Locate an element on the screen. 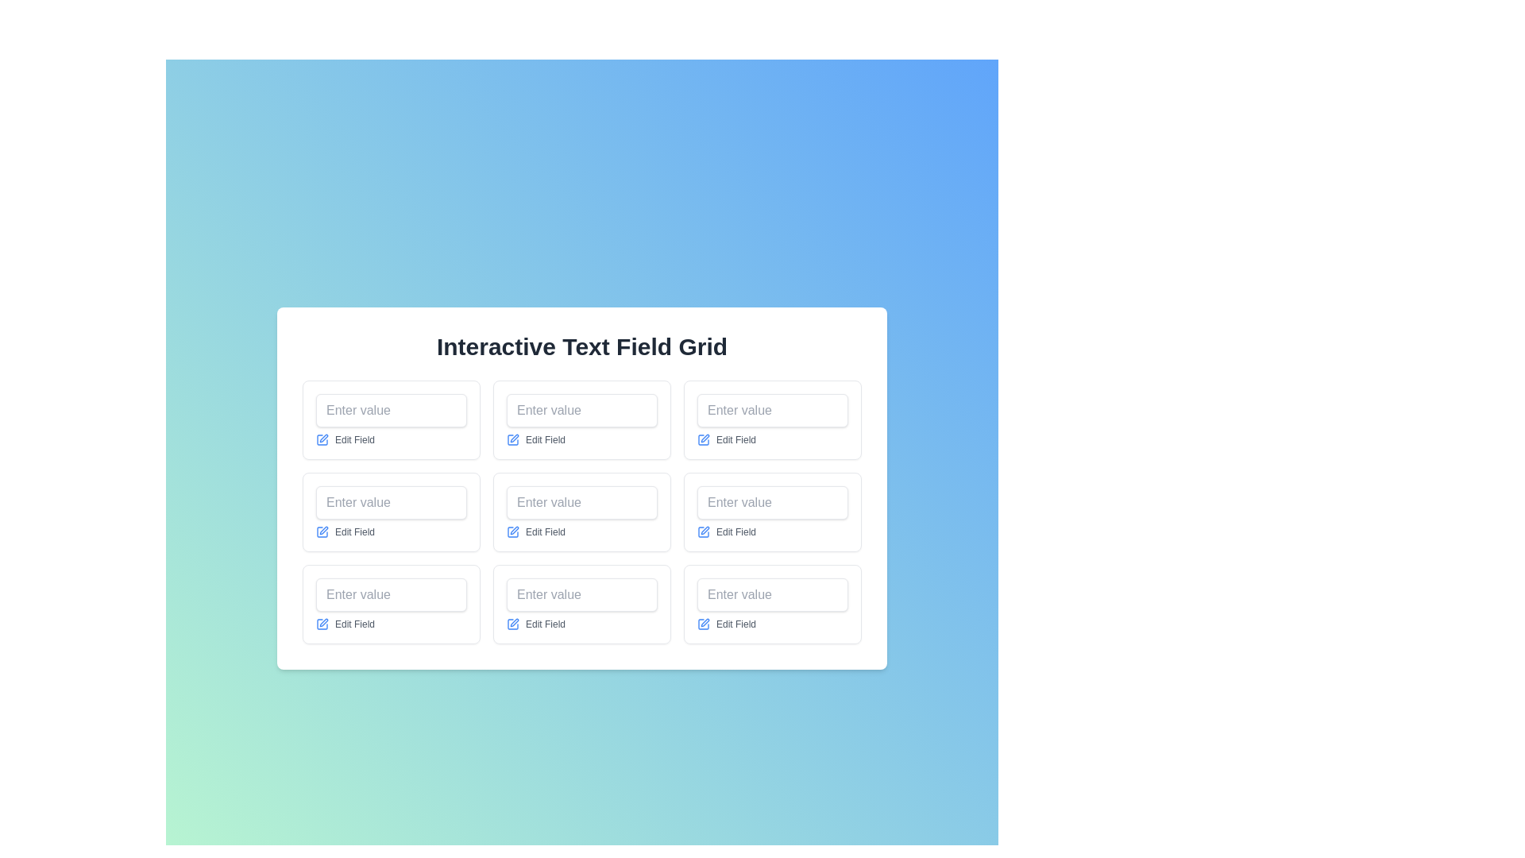  the blue outline square icon with rounded corners located in the top-left panel of the grid layout, directly below the 'Enter value' input field and near the 'Edit Field' text is located at coordinates (322, 440).